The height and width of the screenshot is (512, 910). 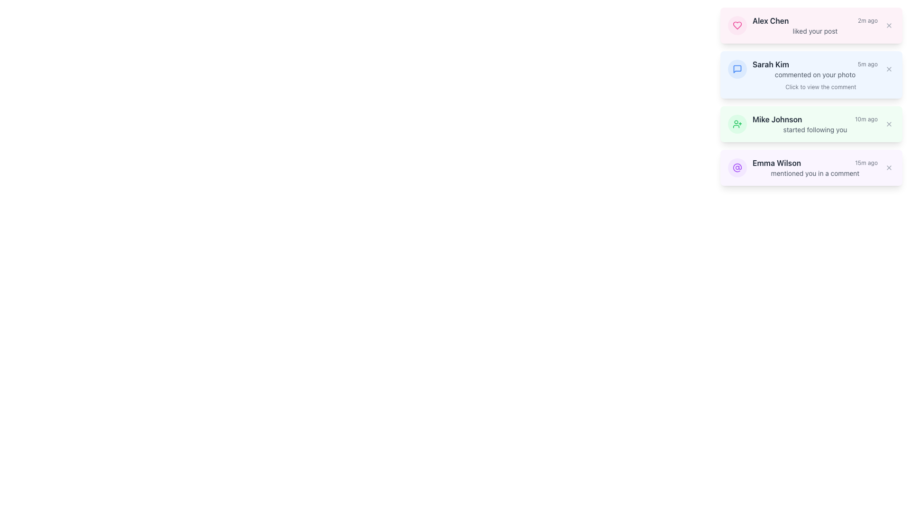 I want to click on the icon located inside the green notification box, which is in the third position from the top of the notification list, so click(x=737, y=124).